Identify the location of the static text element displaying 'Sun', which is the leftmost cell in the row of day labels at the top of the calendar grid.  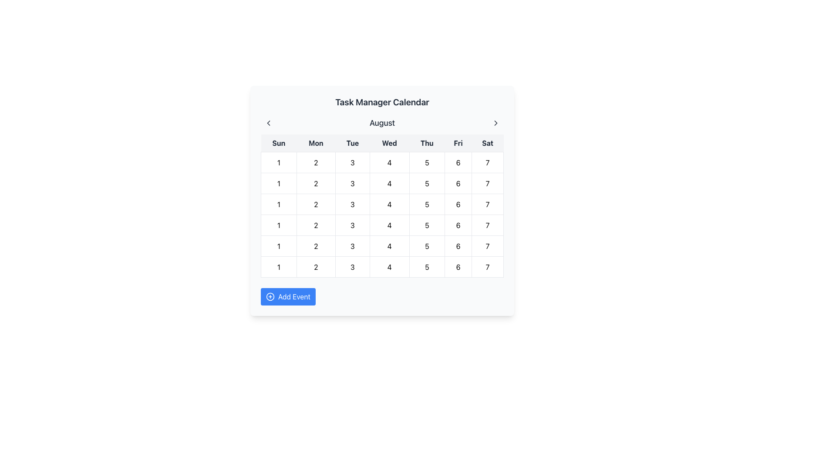
(279, 143).